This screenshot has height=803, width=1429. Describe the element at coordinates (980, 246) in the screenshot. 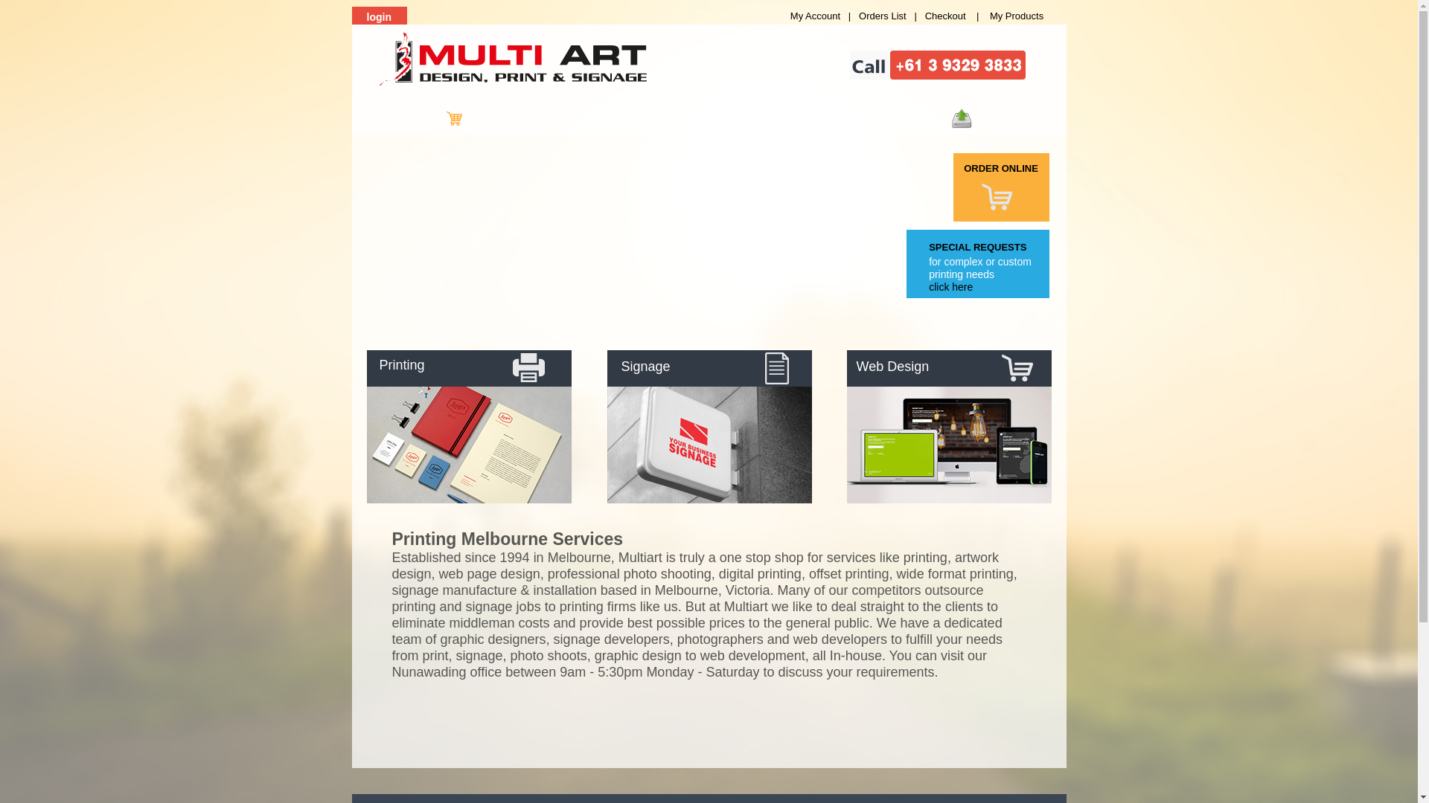

I see `'SPECIAL REQUESTS'` at that location.